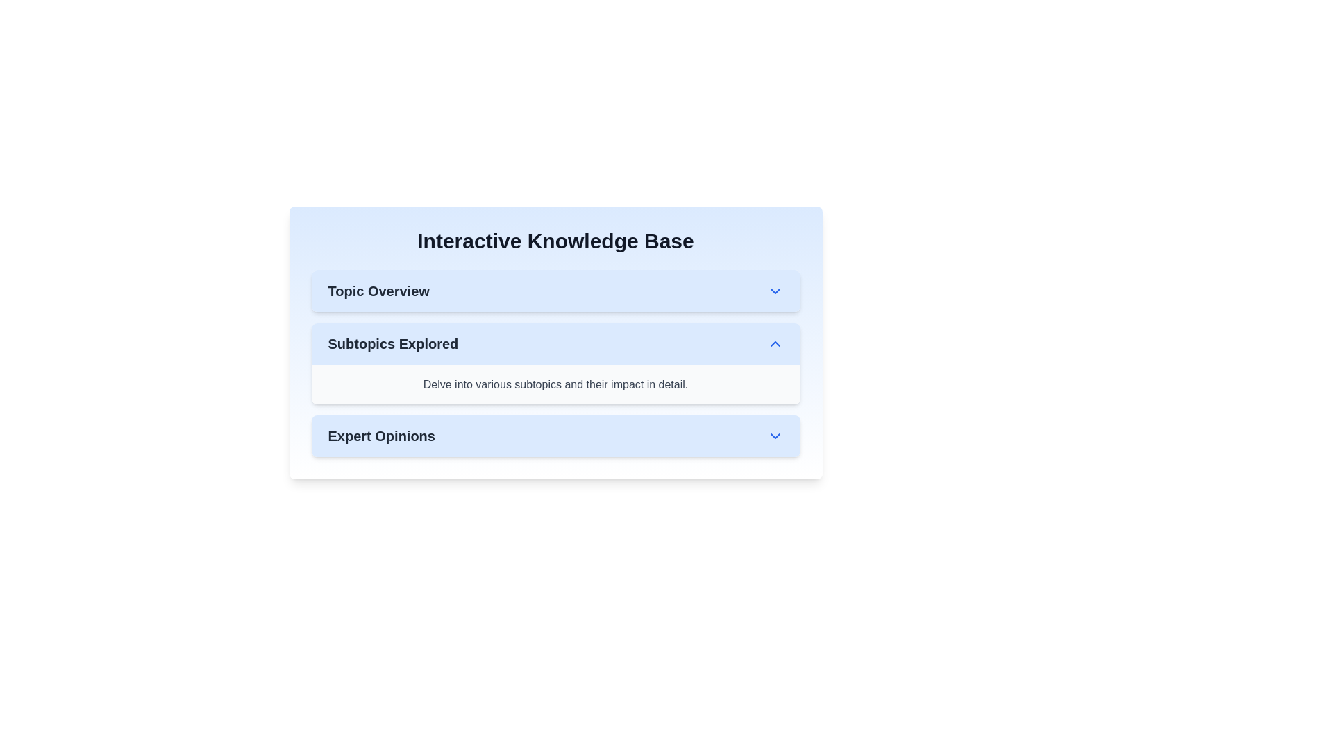  I want to click on the second expandable card in the 'Interactive Knowledge Base' section, so click(555, 363).